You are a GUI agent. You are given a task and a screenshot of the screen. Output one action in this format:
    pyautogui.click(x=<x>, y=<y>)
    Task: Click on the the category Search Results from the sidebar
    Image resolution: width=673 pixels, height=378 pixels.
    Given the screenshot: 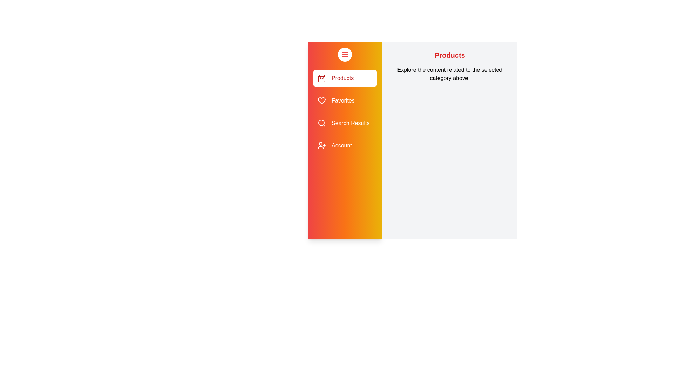 What is the action you would take?
    pyautogui.click(x=345, y=122)
    